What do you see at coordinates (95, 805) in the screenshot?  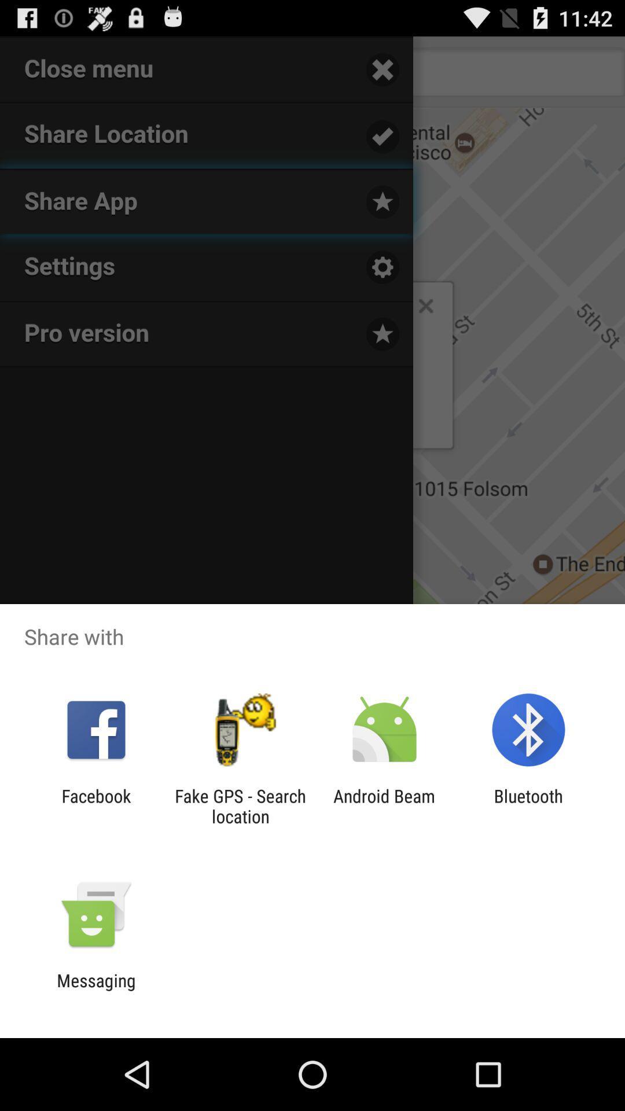 I see `the facebook` at bounding box center [95, 805].